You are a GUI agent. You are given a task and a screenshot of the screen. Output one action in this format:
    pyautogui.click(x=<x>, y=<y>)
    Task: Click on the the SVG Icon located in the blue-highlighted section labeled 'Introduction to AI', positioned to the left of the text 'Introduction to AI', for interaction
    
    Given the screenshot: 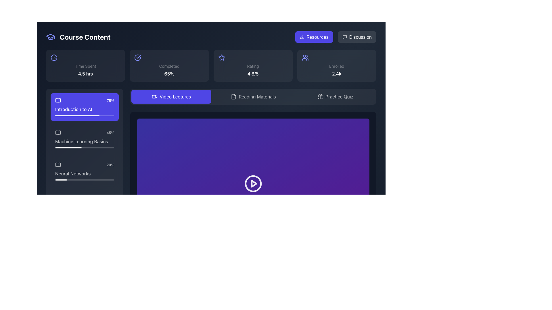 What is the action you would take?
    pyautogui.click(x=58, y=100)
    